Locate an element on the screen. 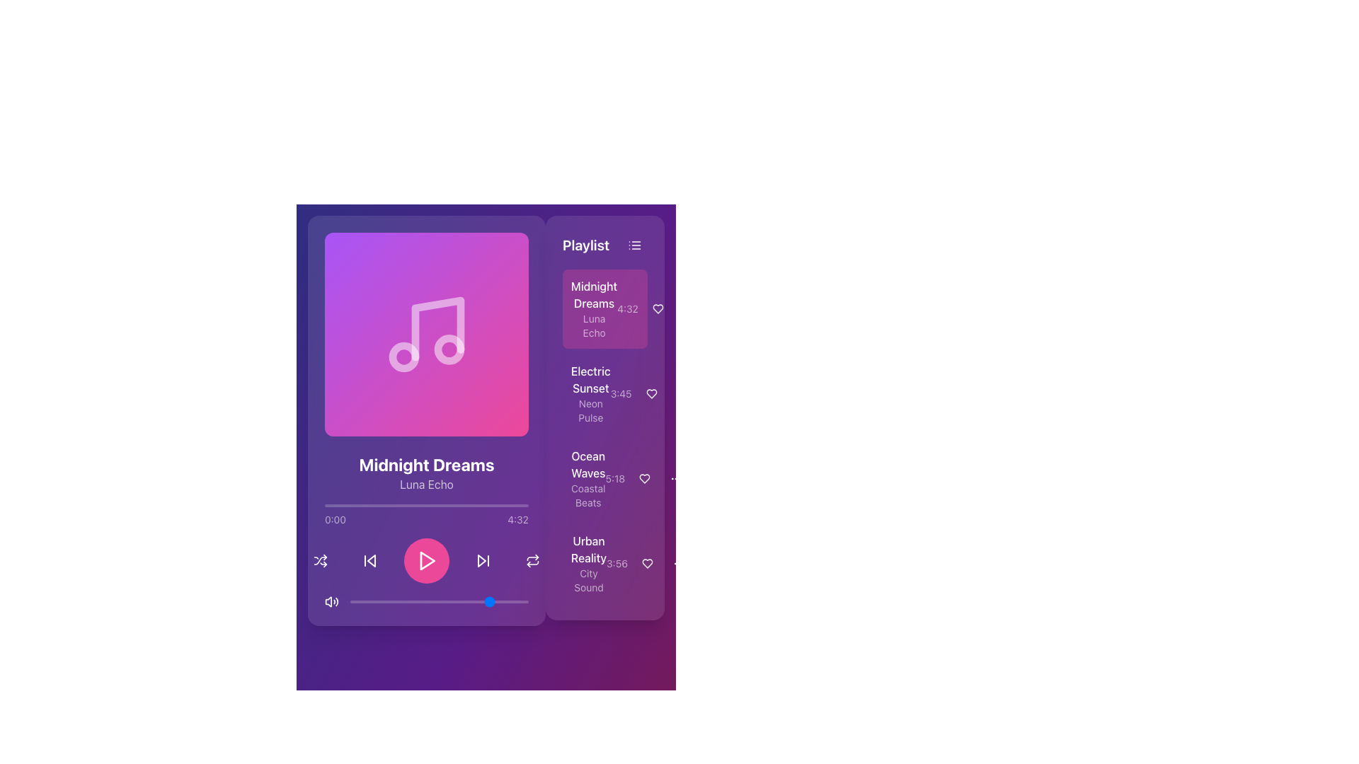 The image size is (1359, 764). playback progress is located at coordinates (442, 602).